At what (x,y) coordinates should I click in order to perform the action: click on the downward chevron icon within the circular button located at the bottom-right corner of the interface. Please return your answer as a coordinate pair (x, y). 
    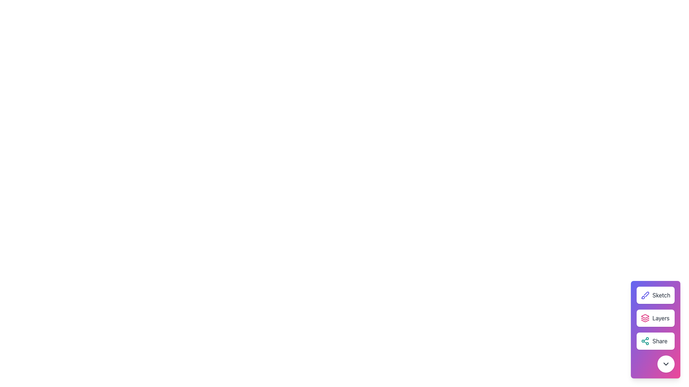
    Looking at the image, I should click on (666, 364).